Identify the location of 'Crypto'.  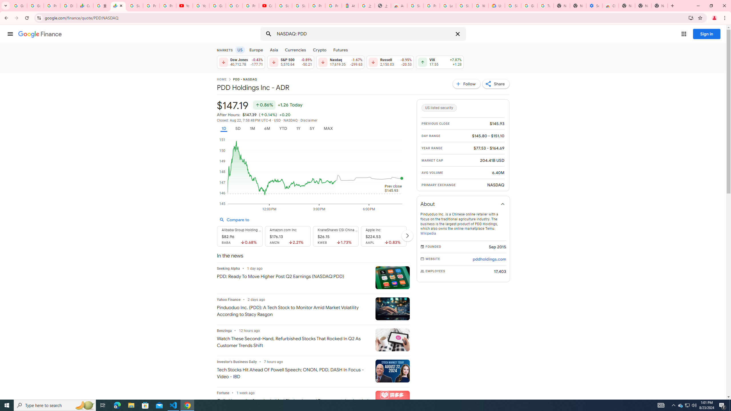
(320, 49).